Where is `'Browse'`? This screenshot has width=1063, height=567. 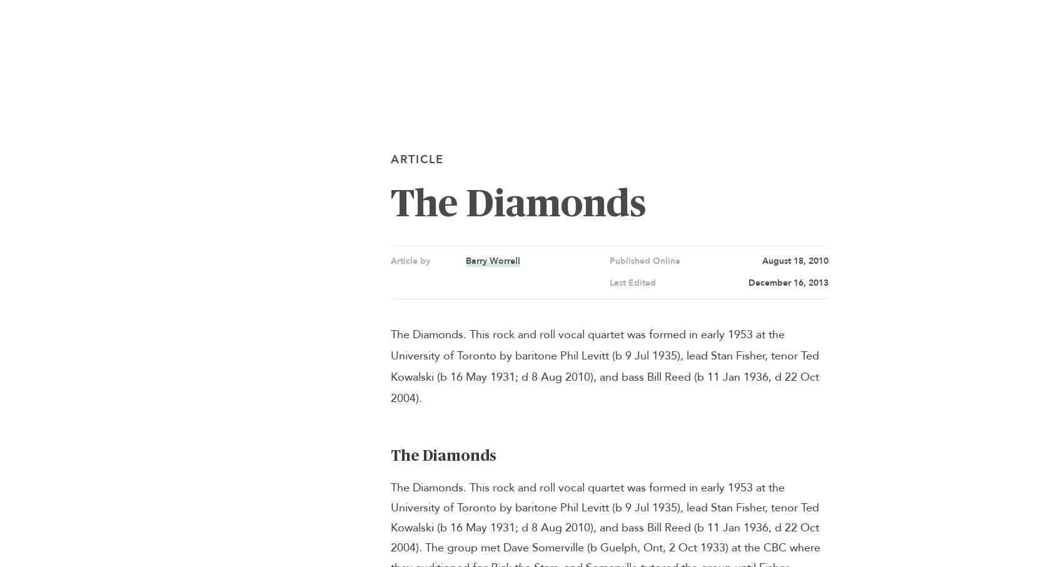
'Browse' is located at coordinates (842, 24).